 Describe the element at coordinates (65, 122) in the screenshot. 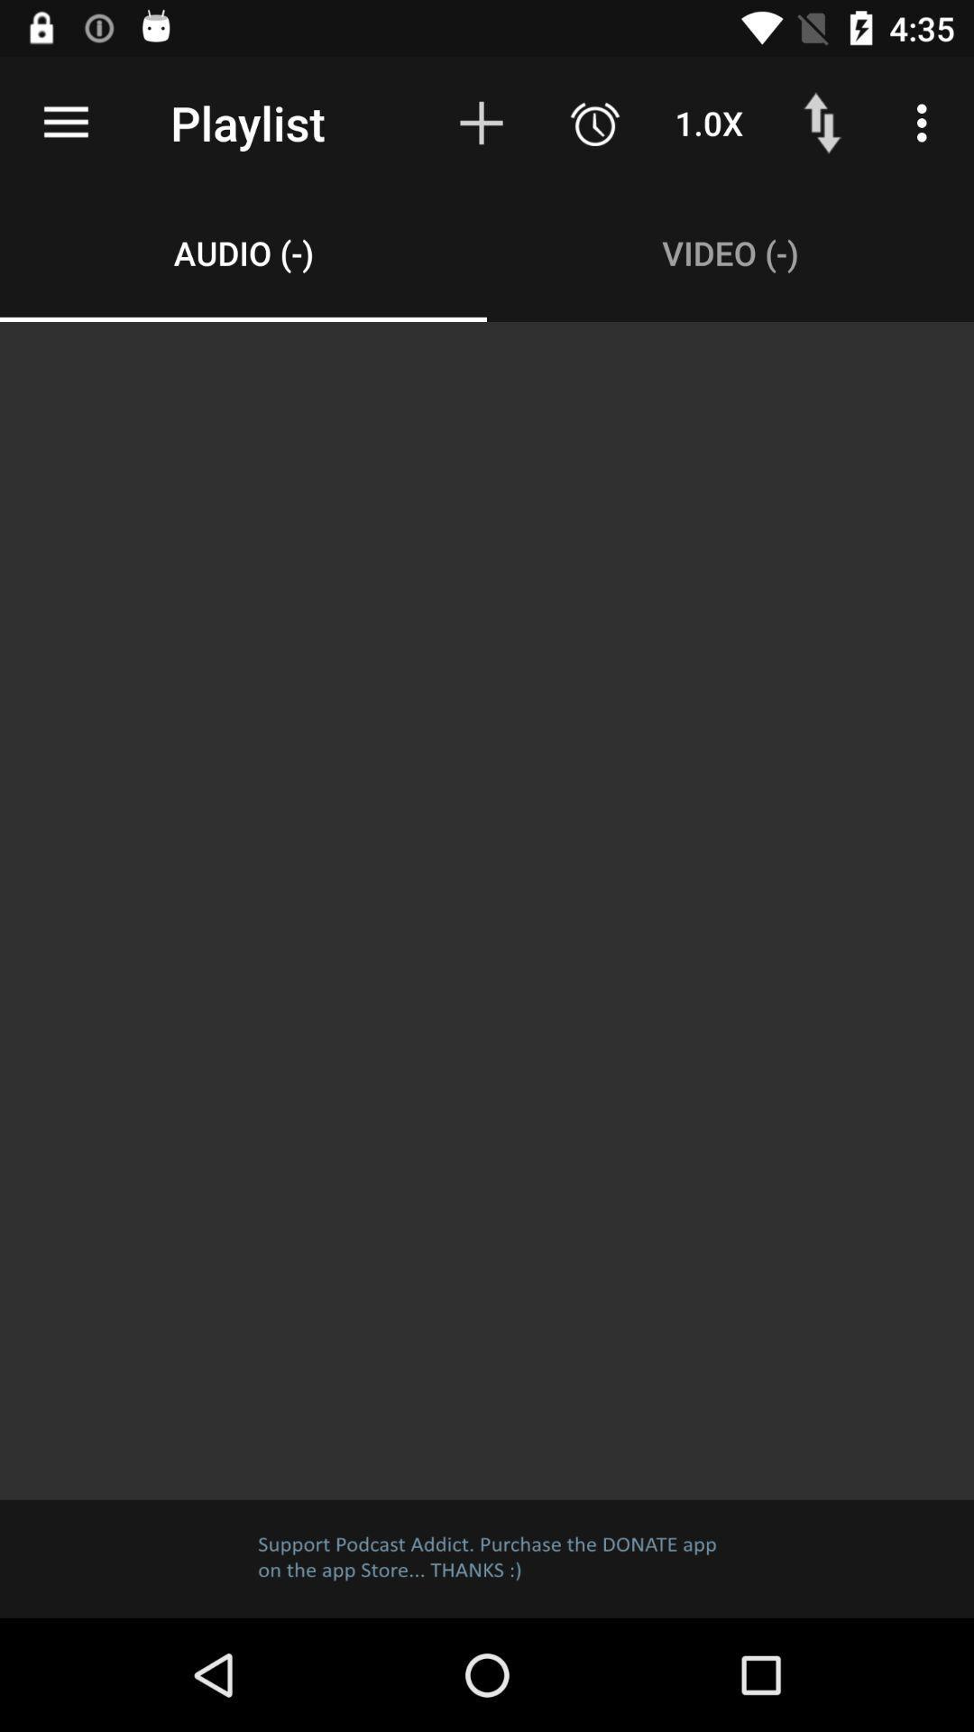

I see `item next to playlist icon` at that location.